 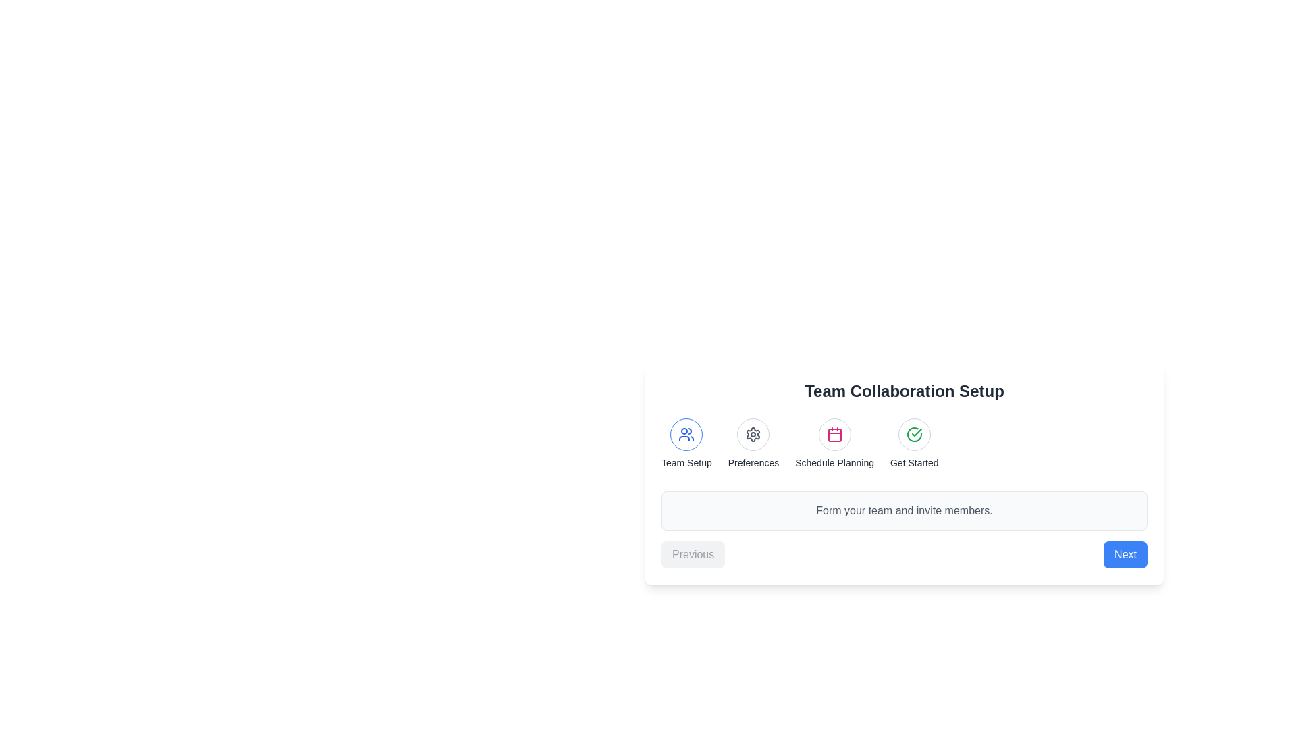 I want to click on the cogwheel icon representing settings, located above the 'Preferences' label, so click(x=753, y=435).